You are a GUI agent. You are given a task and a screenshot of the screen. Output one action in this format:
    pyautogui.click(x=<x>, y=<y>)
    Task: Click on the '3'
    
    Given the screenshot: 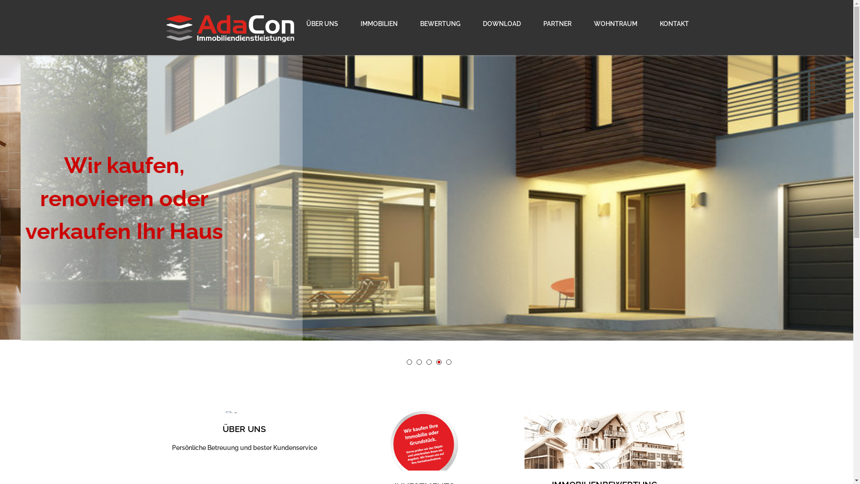 What is the action you would take?
    pyautogui.click(x=429, y=361)
    